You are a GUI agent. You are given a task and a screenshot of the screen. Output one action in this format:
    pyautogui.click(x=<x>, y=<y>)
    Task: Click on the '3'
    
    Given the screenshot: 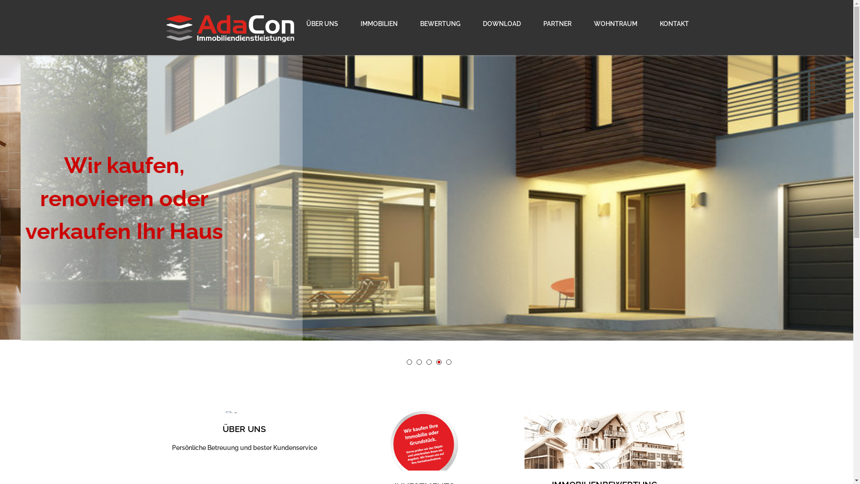 What is the action you would take?
    pyautogui.click(x=429, y=361)
    